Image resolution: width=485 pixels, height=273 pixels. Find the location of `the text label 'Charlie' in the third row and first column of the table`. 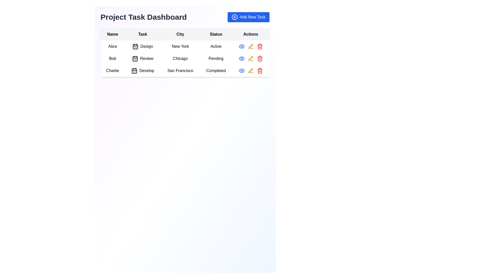

the text label 'Charlie' in the third row and first column of the table is located at coordinates (112, 71).